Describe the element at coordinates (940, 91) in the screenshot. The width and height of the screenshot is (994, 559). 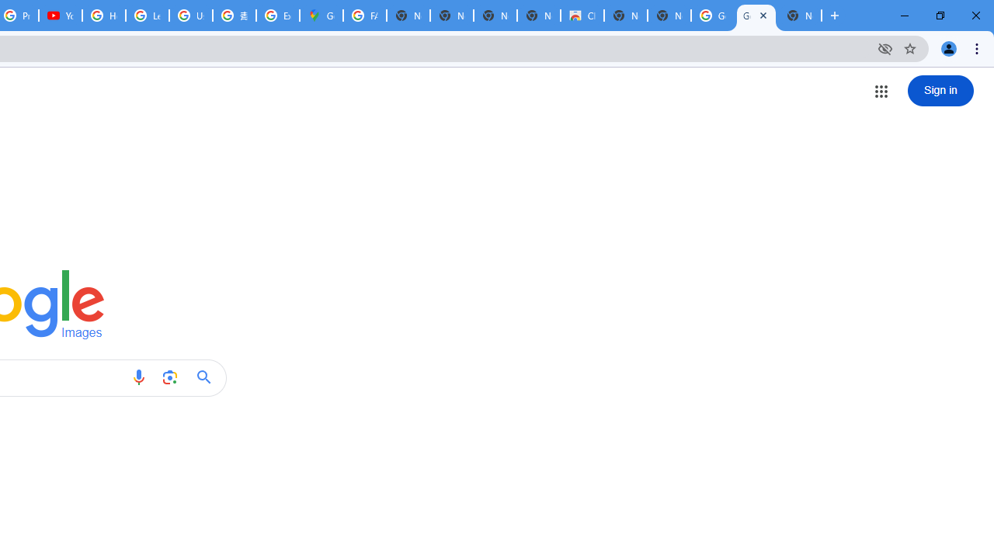
I see `'Sign in'` at that location.